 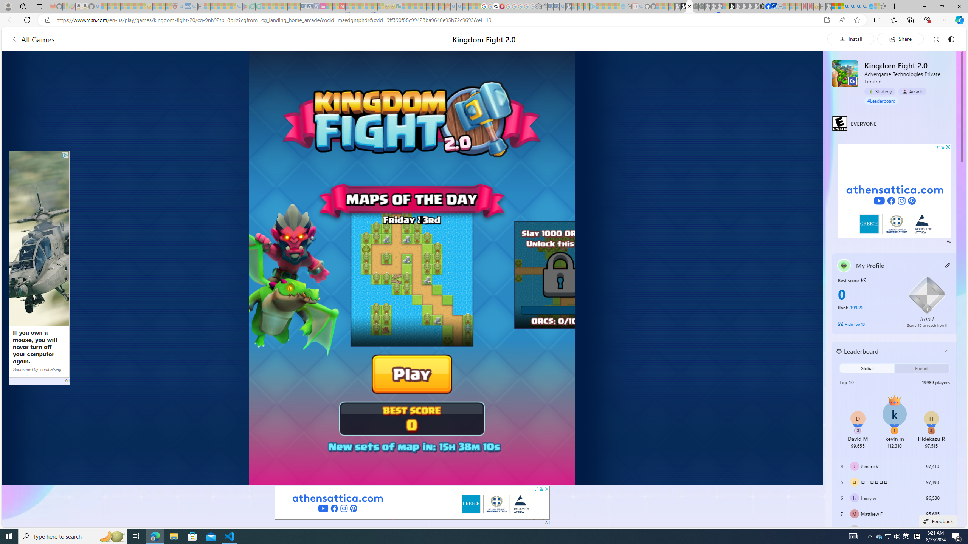 What do you see at coordinates (117, 6) in the screenshot?
I see `'The Weather Channel - MSN - Sleeping'` at bounding box center [117, 6].